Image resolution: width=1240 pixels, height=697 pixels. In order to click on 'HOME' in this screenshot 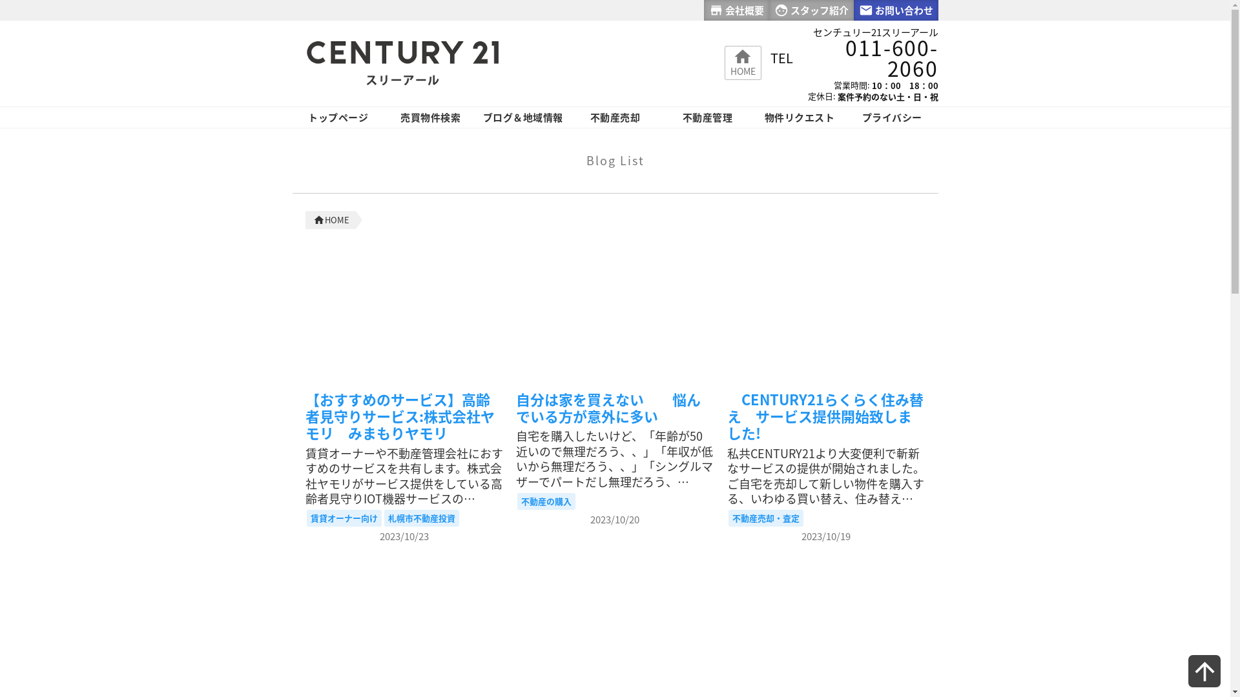, I will do `click(333, 219)`.